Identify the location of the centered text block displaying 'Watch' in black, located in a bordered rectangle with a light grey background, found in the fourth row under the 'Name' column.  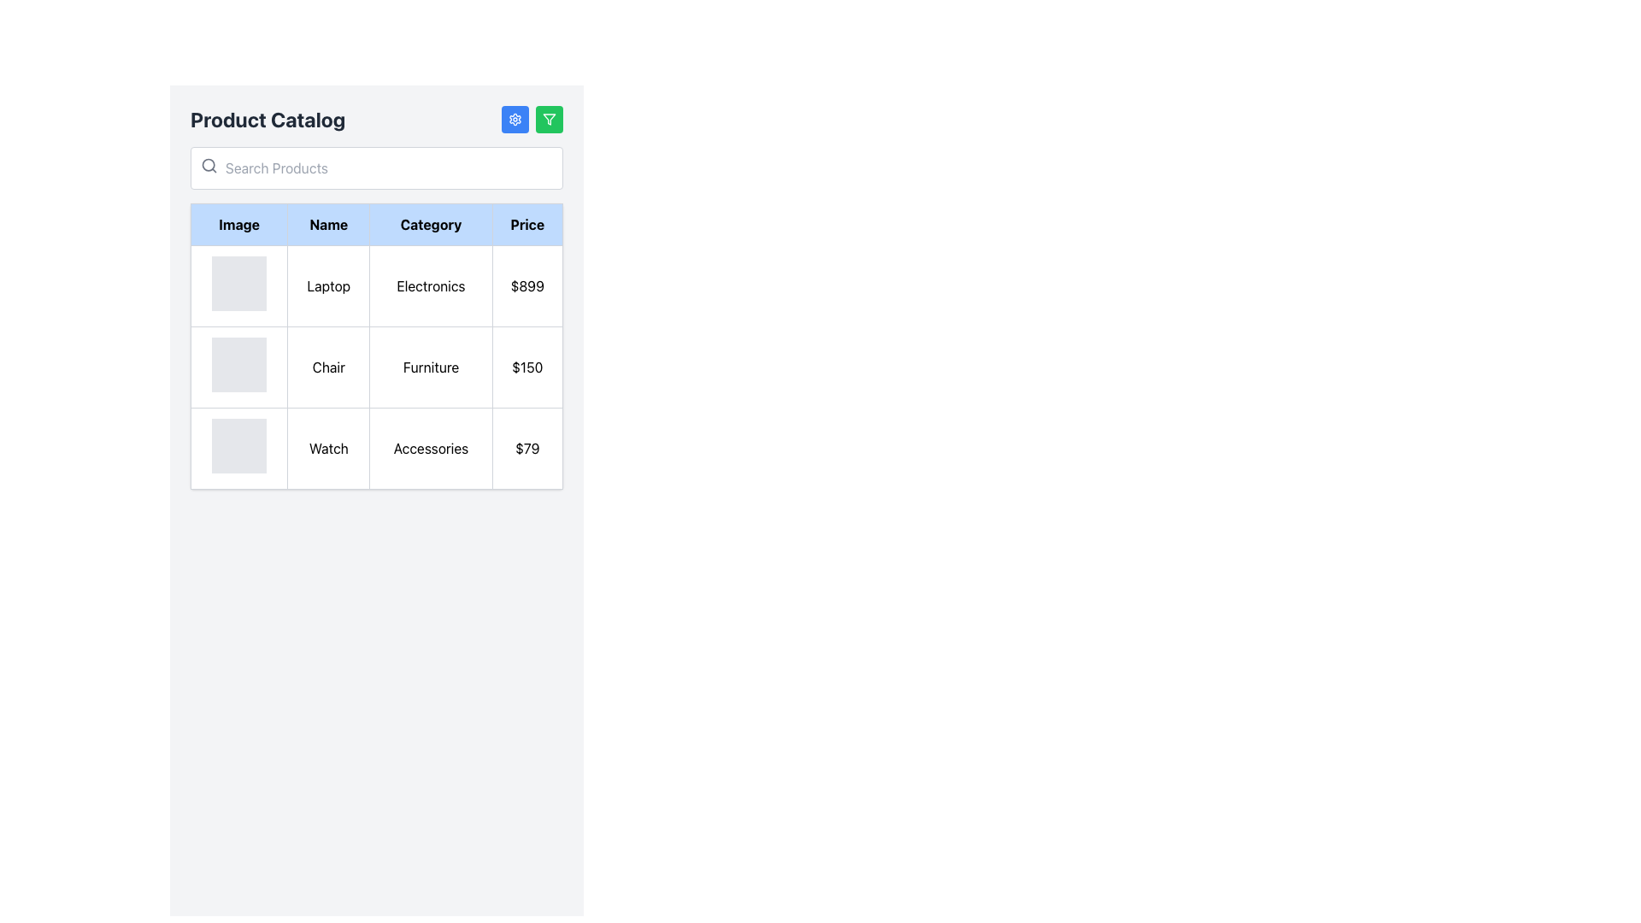
(328, 447).